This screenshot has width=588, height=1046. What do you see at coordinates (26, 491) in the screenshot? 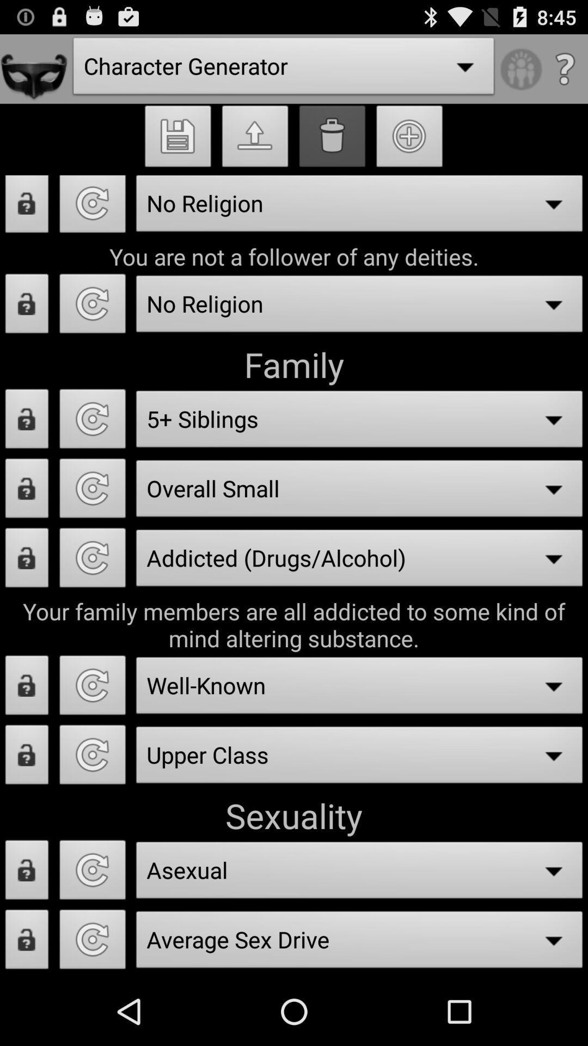
I see `lock family size option` at bounding box center [26, 491].